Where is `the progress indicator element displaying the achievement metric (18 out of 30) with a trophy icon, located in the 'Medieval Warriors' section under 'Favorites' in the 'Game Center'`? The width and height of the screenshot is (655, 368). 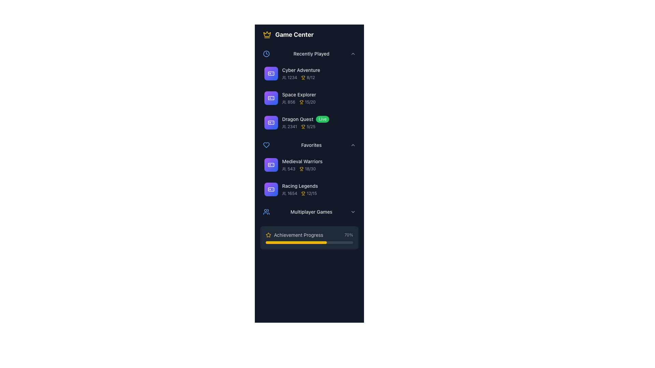 the progress indicator element displaying the achievement metric (18 out of 30) with a trophy icon, located in the 'Medieval Warriors' section under 'Favorites' in the 'Game Center' is located at coordinates (307, 169).